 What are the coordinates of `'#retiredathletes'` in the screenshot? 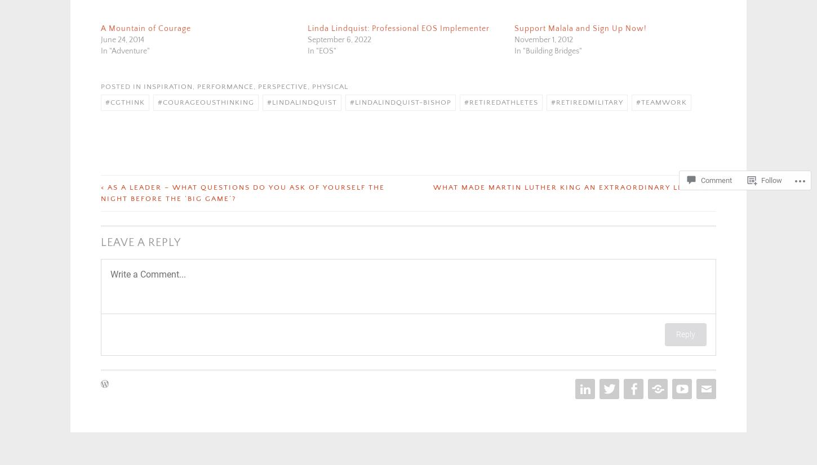 It's located at (500, 102).